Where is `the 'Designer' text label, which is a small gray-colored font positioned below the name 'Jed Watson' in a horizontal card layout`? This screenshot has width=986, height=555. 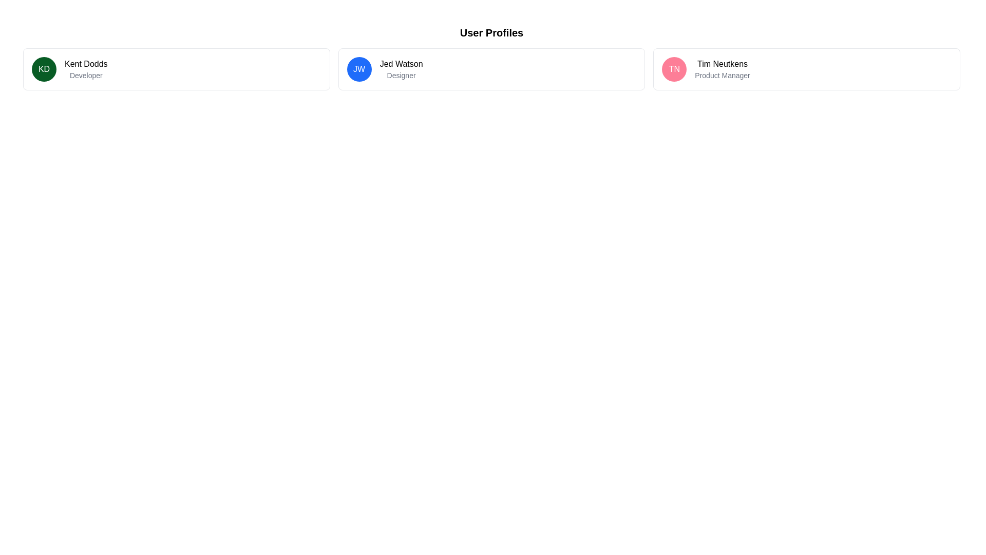 the 'Designer' text label, which is a small gray-colored font positioned below the name 'Jed Watson' in a horizontal card layout is located at coordinates (401, 75).